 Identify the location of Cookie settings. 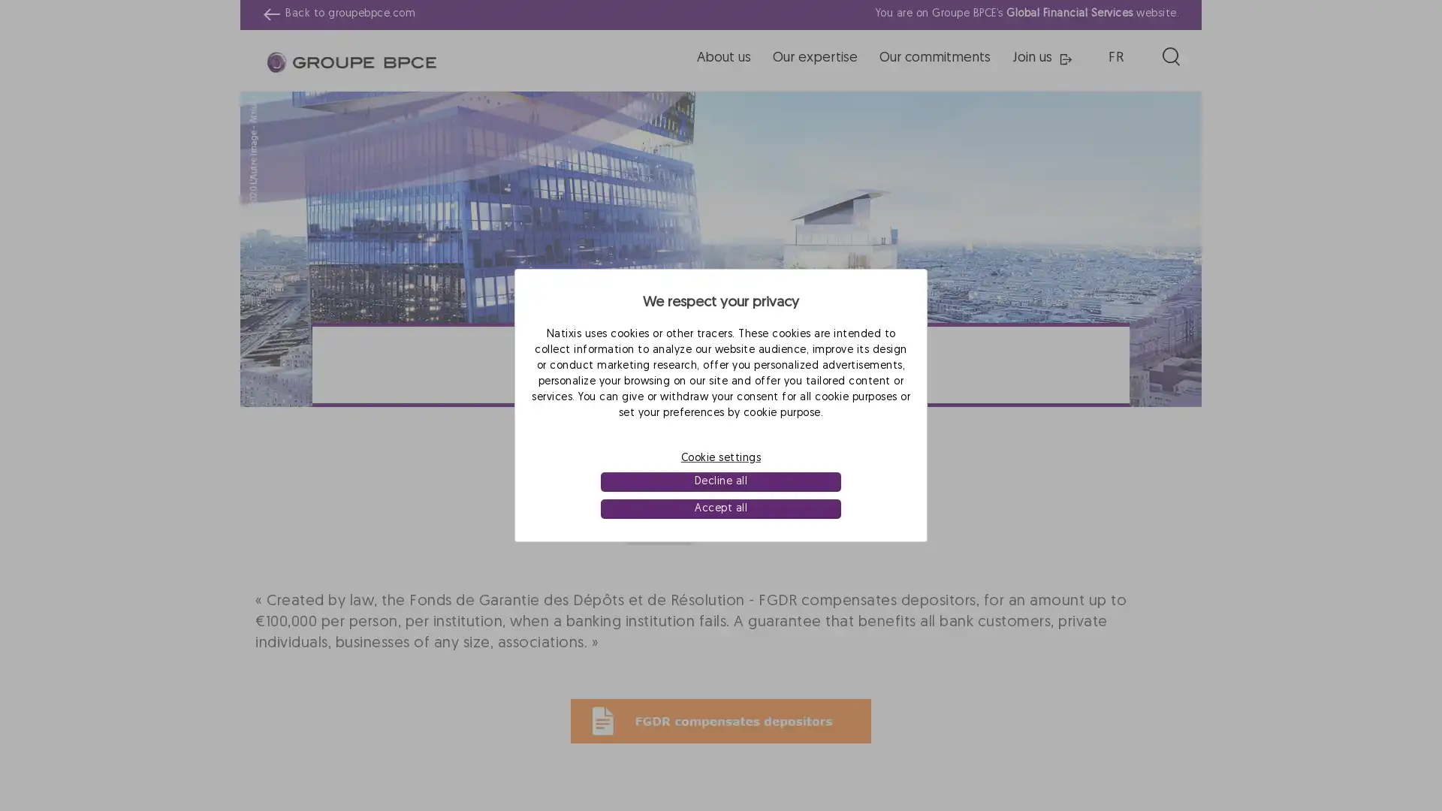
(721, 457).